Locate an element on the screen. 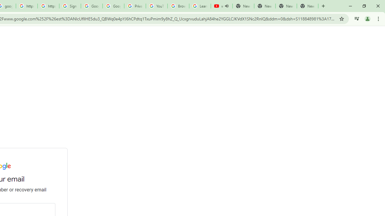  'Control your music, videos, and more' is located at coordinates (356, 18).